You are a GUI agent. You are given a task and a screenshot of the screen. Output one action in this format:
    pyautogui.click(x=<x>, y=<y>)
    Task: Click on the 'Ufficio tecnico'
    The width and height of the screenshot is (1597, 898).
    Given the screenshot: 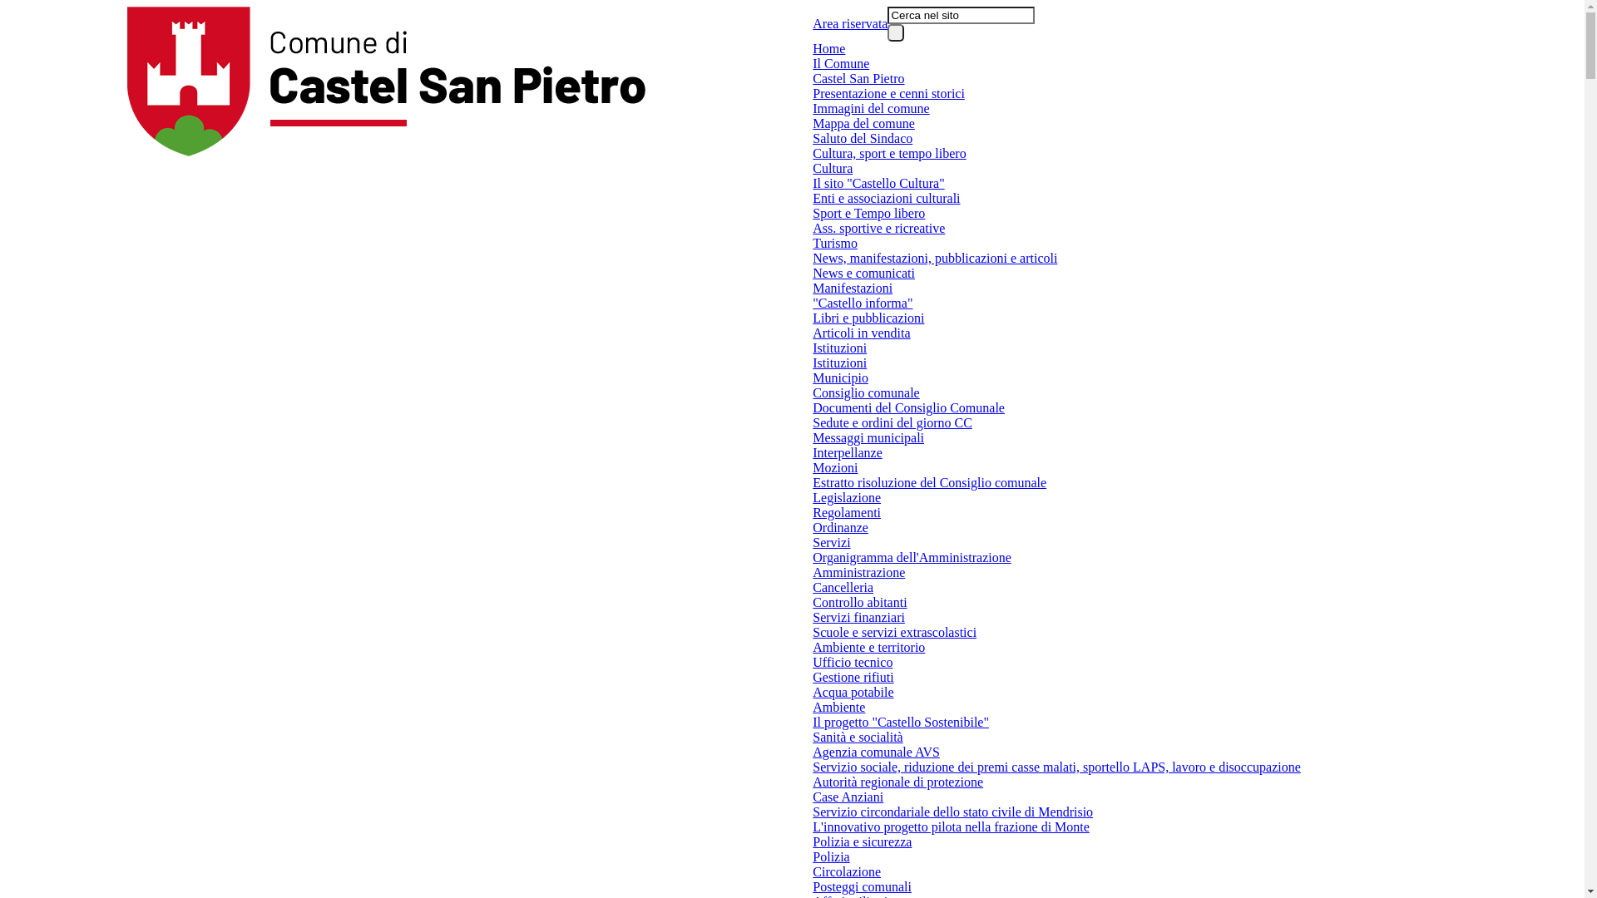 What is the action you would take?
    pyautogui.click(x=853, y=662)
    